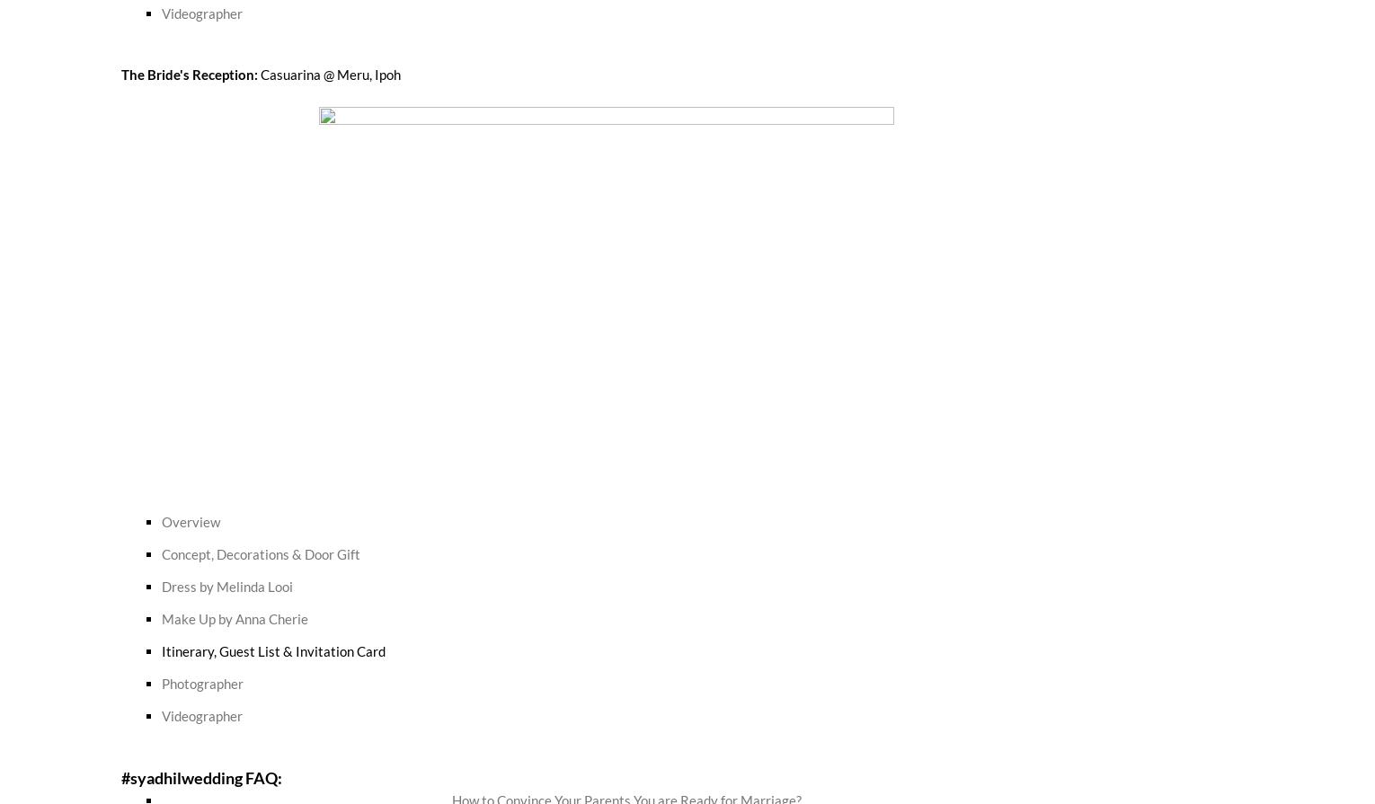 This screenshot has height=804, width=1375. Describe the element at coordinates (191, 73) in the screenshot. I see `'The Bride's Reception:'` at that location.